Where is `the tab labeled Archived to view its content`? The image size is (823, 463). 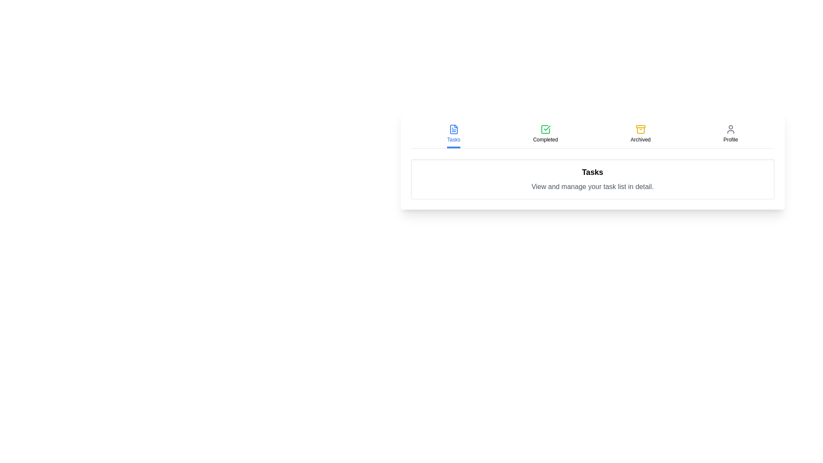 the tab labeled Archived to view its content is located at coordinates (640, 134).